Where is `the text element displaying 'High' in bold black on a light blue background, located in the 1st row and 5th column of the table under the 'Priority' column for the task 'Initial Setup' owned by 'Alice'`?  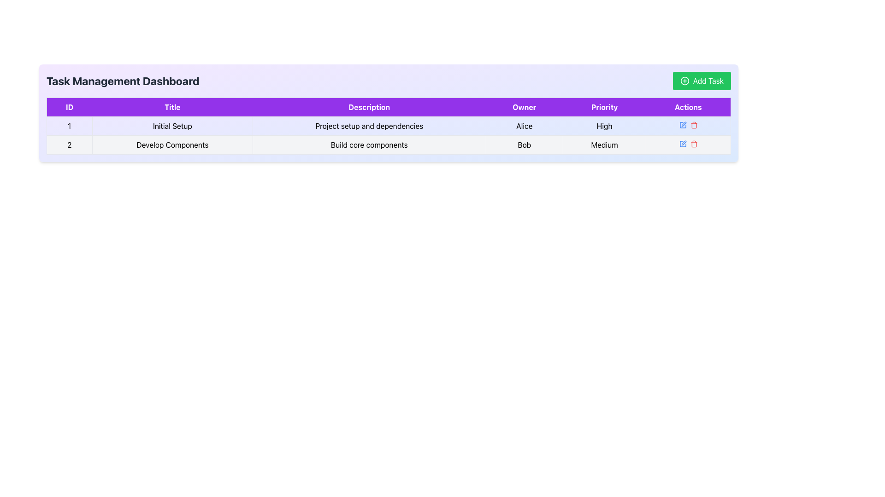
the text element displaying 'High' in bold black on a light blue background, located in the 1st row and 5th column of the table under the 'Priority' column for the task 'Initial Setup' owned by 'Alice' is located at coordinates (604, 126).